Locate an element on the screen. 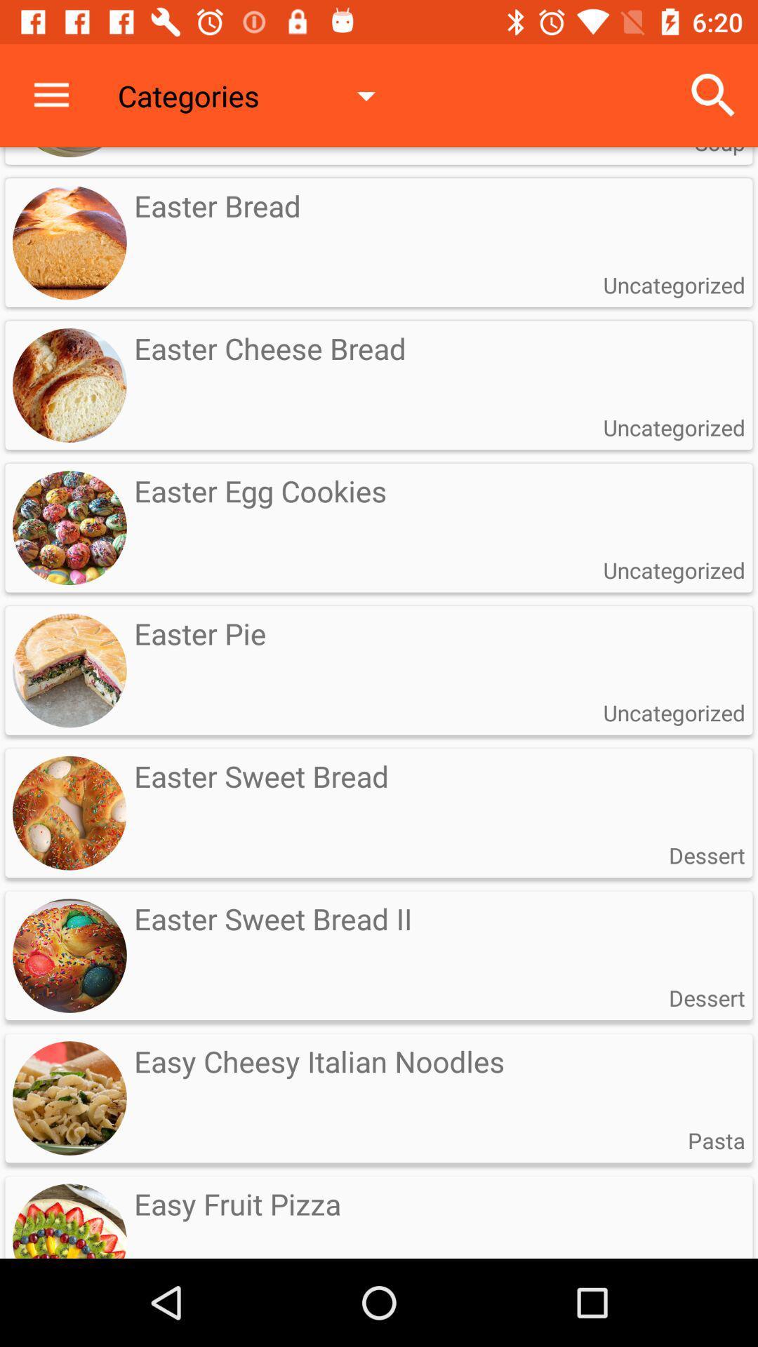 This screenshot has width=758, height=1347. icon above the soup item is located at coordinates (714, 95).